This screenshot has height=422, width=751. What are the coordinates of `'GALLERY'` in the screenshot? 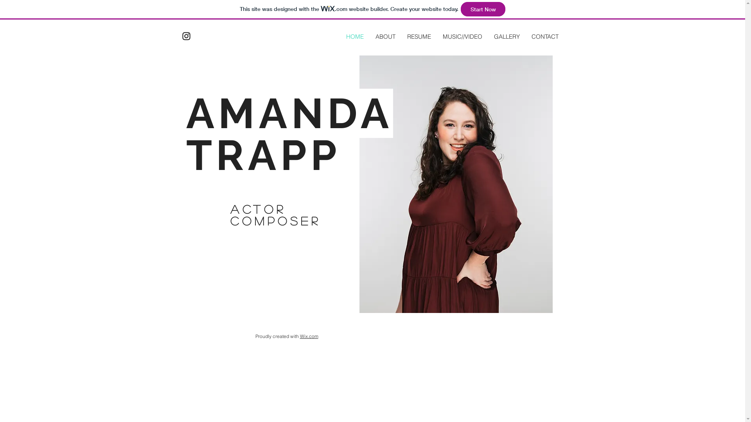 It's located at (488, 36).